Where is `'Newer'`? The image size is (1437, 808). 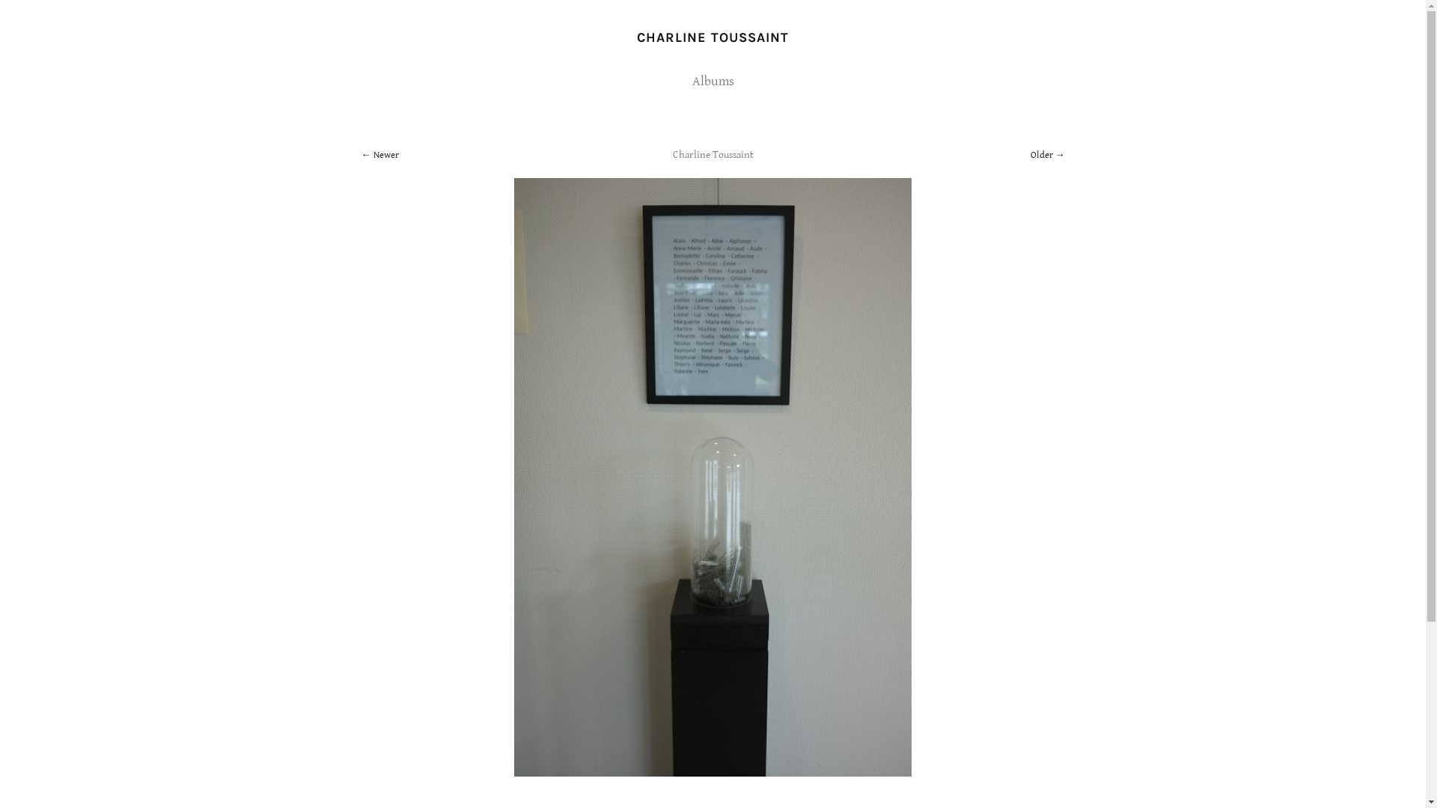
'Newer' is located at coordinates (379, 155).